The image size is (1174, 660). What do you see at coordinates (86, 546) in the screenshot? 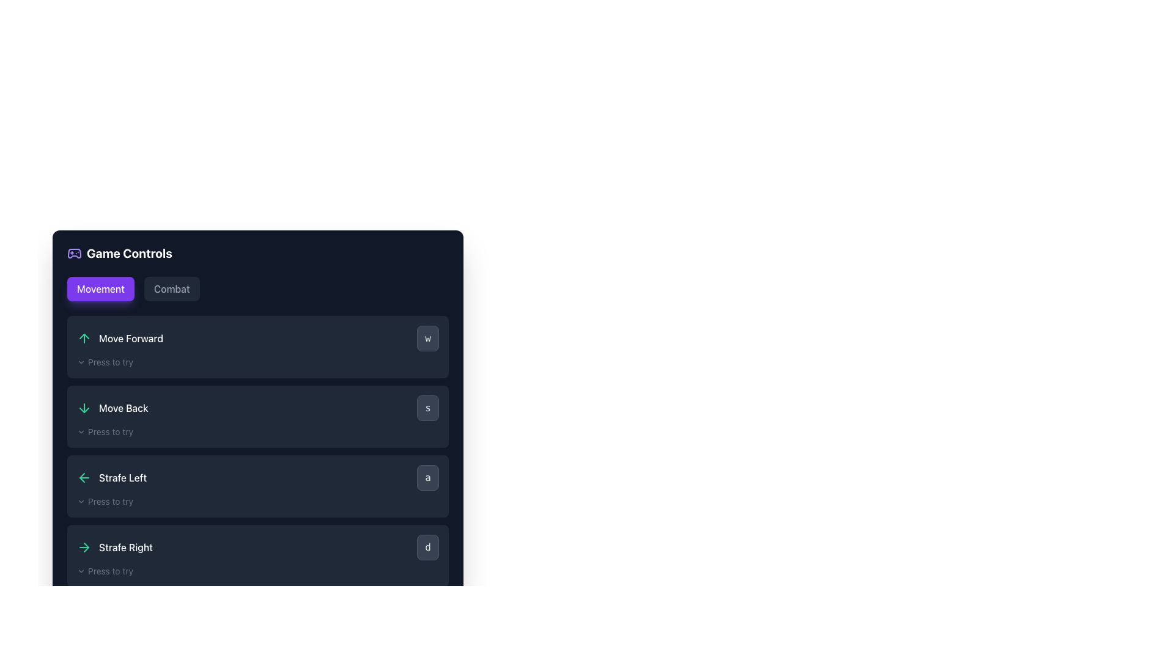
I see `the right-facing arrow icon associated with the 'Strafe Right' action` at bounding box center [86, 546].